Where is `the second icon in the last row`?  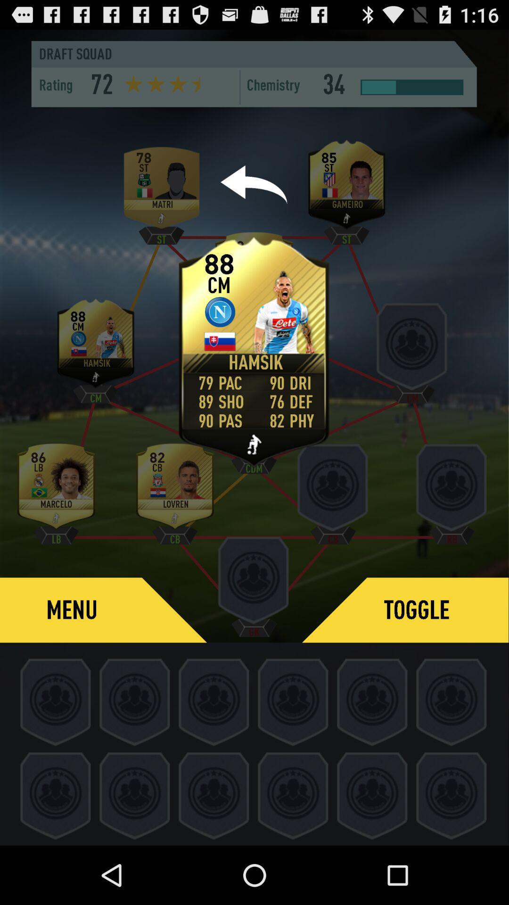 the second icon in the last row is located at coordinates (135, 794).